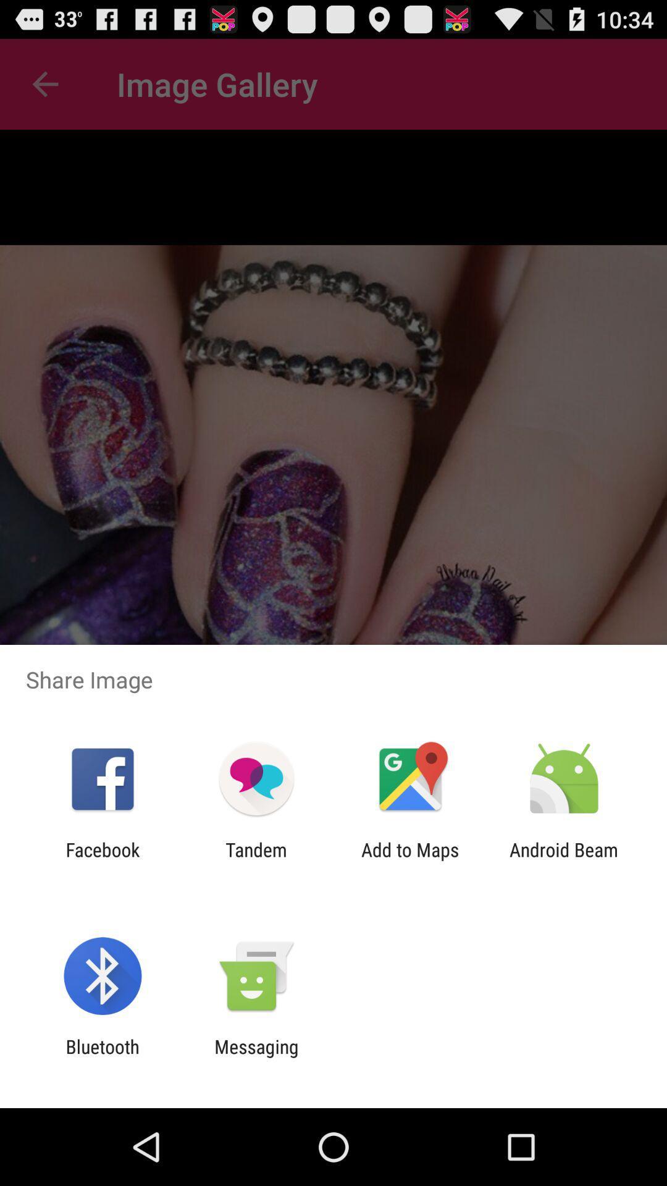  I want to click on item next to bluetooth app, so click(256, 1057).